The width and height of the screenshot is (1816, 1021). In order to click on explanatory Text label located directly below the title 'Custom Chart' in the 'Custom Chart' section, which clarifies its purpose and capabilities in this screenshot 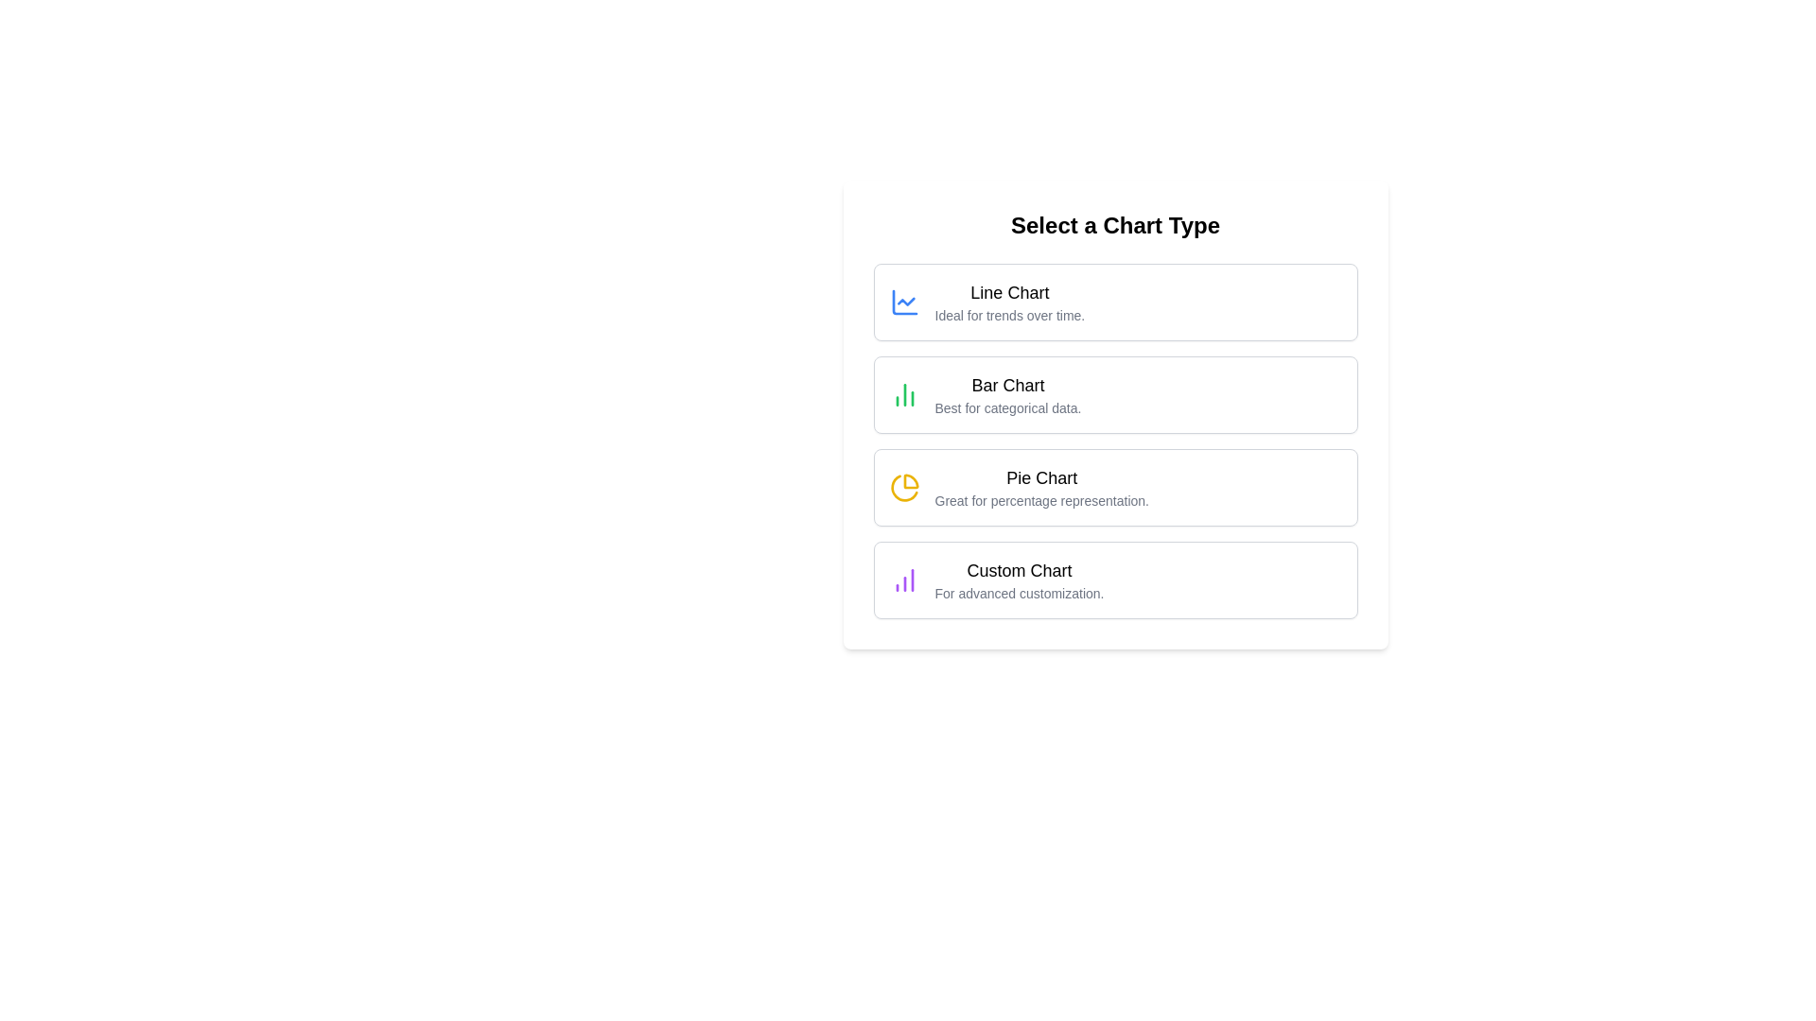, I will do `click(1019, 593)`.